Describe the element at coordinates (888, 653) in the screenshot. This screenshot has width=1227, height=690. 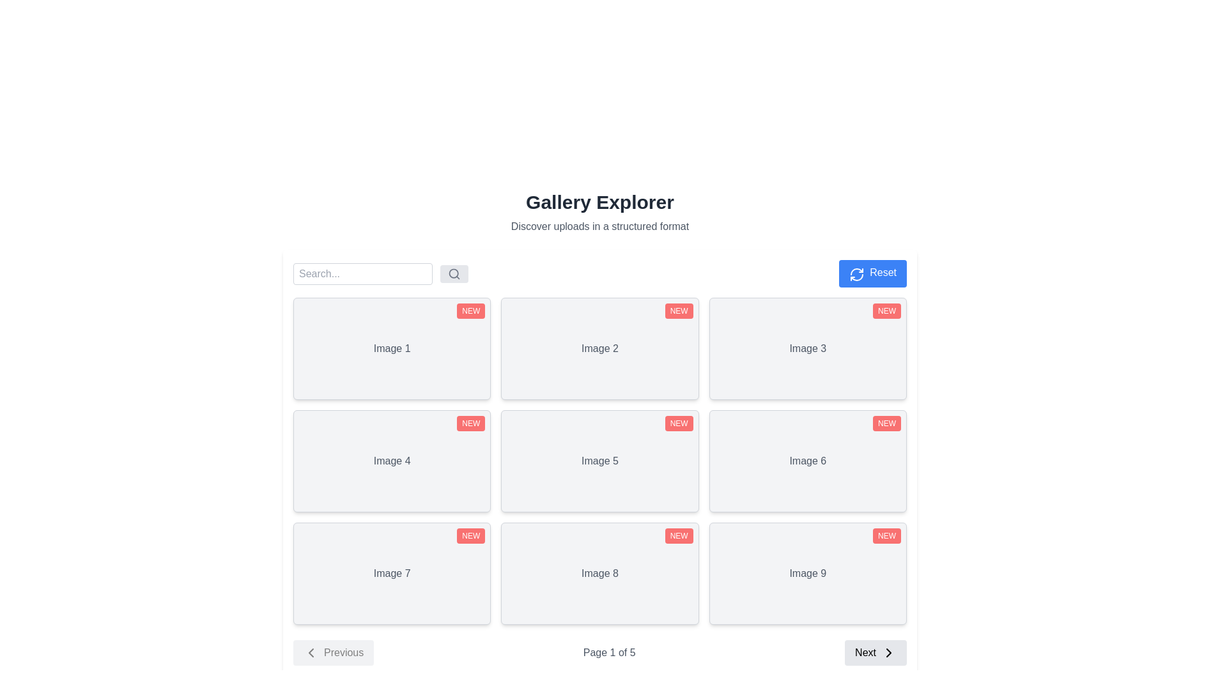
I see `the right-pointing chevron icon located within the 'Next' button at the bottom-right corner of the interface to engage the button` at that location.